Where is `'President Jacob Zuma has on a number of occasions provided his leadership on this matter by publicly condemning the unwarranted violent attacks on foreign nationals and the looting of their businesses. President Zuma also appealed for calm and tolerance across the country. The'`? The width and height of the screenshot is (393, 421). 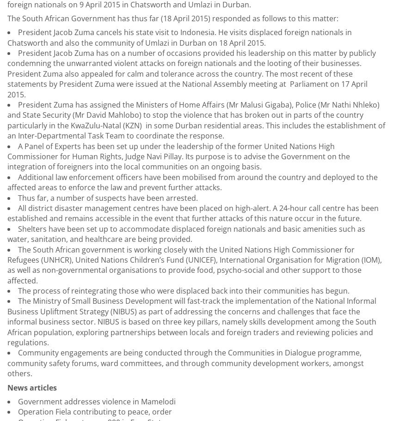 'President Jacob Zuma has on a number of occasions provided his leadership on this matter by publicly condemning the unwarranted violent attacks on foreign nationals and the looting of their businesses. President Zuma also appealed for calm and tolerance across the country. The' is located at coordinates (191, 62).